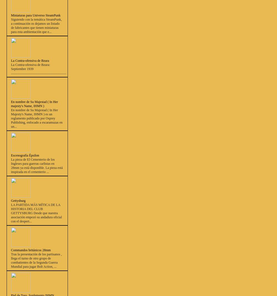 The width and height of the screenshot is (277, 296). Describe the element at coordinates (36, 15) in the screenshot. I see `'Miniaturas para Universo SteamPunk'` at that location.